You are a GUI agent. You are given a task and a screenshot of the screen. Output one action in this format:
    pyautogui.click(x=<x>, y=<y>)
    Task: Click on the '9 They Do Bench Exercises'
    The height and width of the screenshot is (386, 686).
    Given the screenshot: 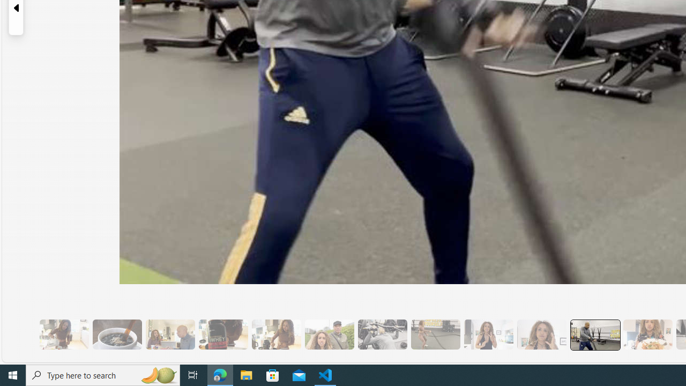 What is the action you would take?
    pyautogui.click(x=382, y=334)
    